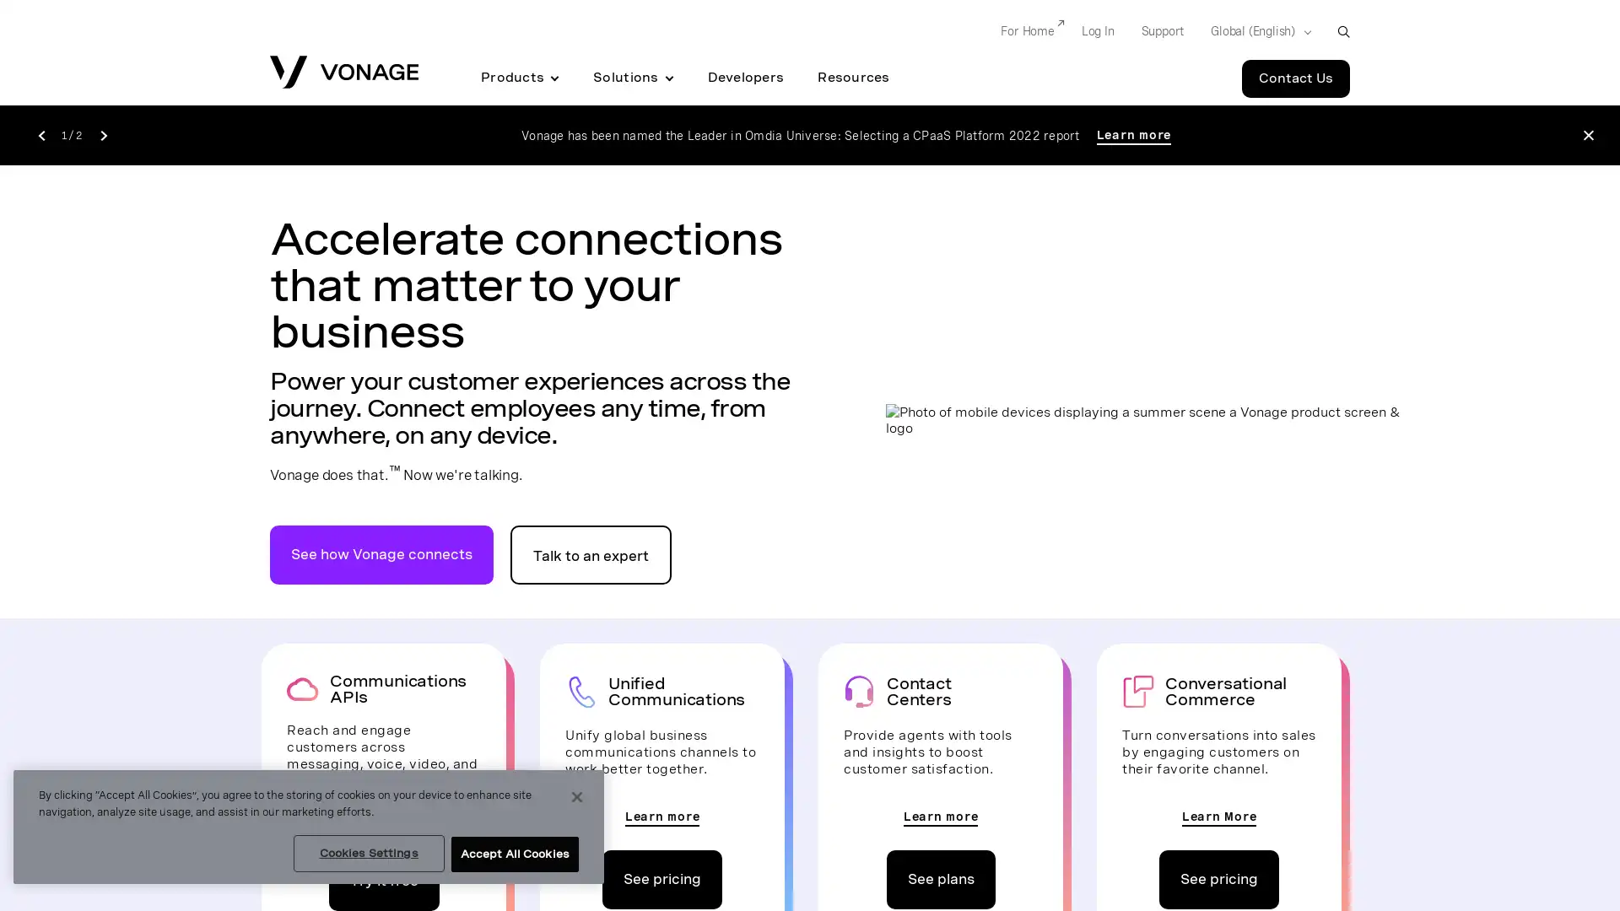 The width and height of the screenshot is (1620, 911). I want to click on Go to the next announcement, so click(102, 133).